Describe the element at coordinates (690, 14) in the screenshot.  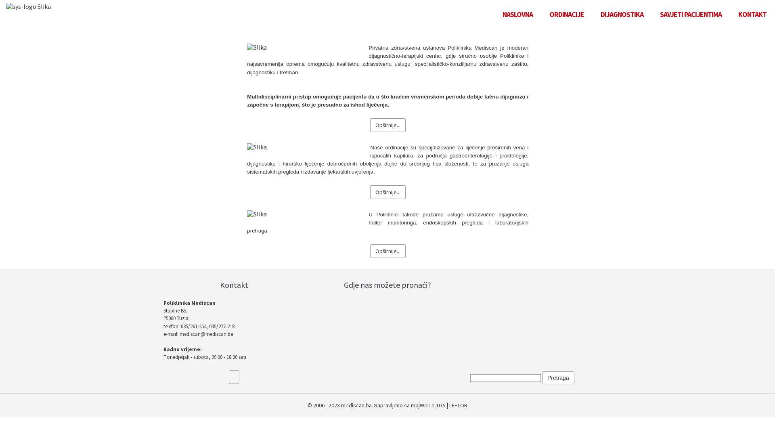
I see `'SAVJETI PACIJENTIMA'` at that location.